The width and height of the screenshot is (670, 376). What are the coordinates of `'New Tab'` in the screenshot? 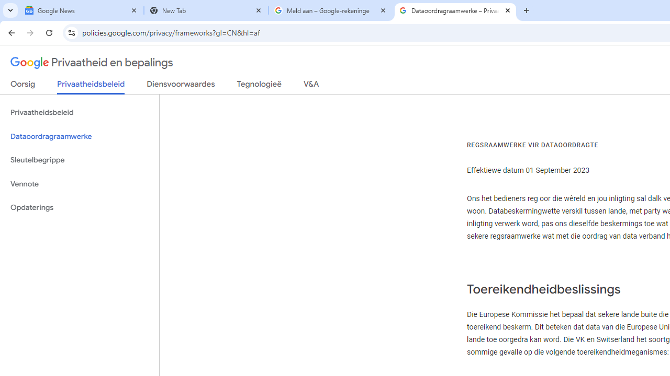 It's located at (206, 10).